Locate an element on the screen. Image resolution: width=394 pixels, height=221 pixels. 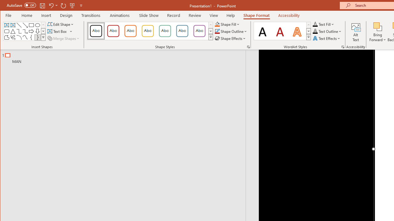
'Colored Outline - Dark Red, Accent 1' is located at coordinates (113, 31).